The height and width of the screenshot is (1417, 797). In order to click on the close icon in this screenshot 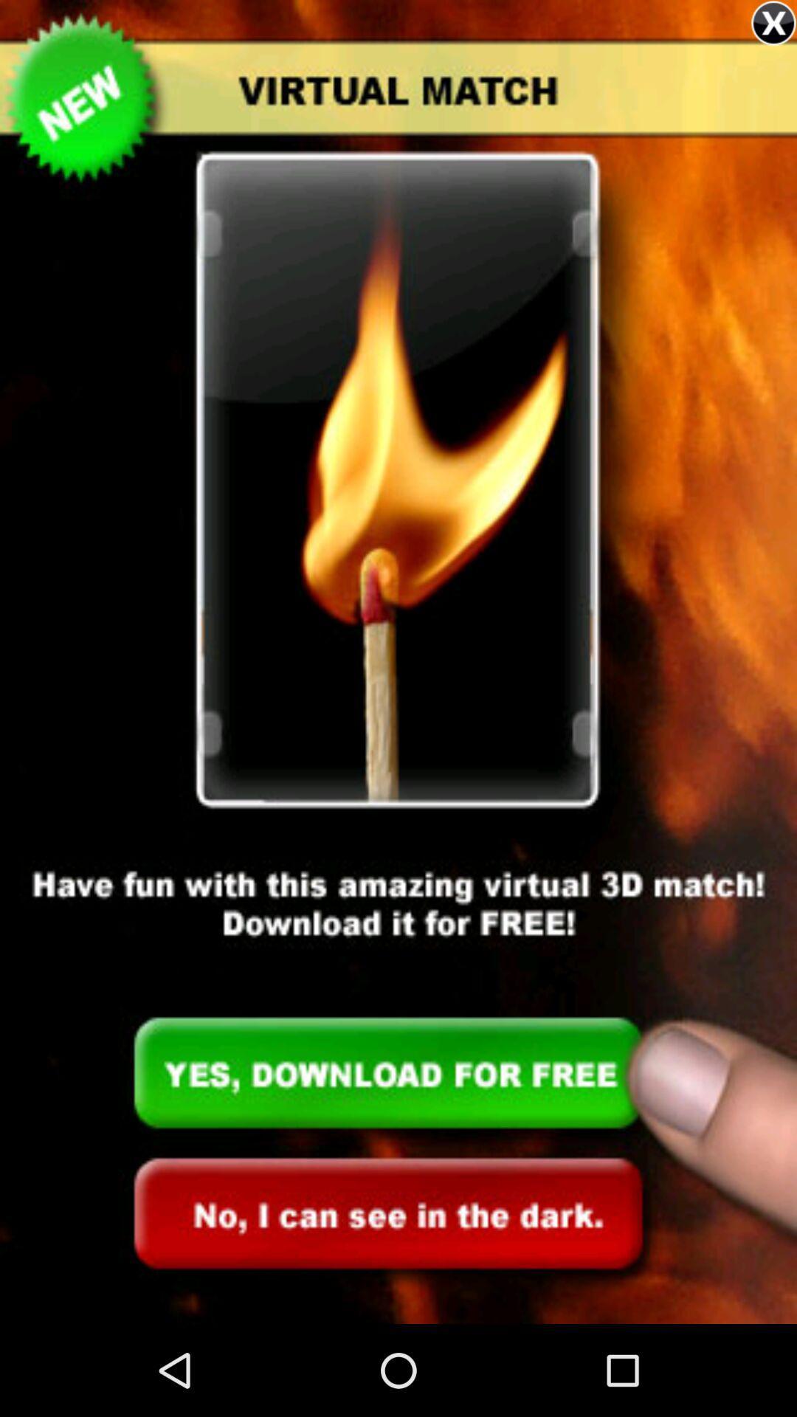, I will do `click(773, 24)`.